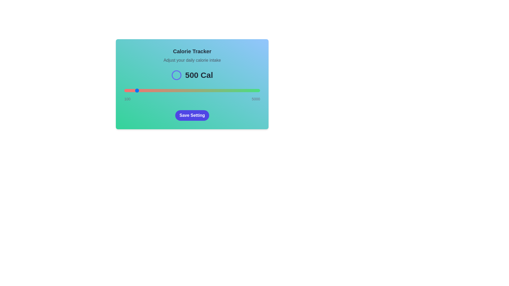 Image resolution: width=509 pixels, height=286 pixels. I want to click on 'Save Setting' button to save the current settings, so click(192, 115).